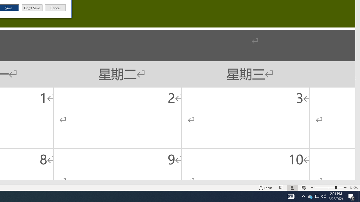 Image resolution: width=360 pixels, height=202 pixels. Describe the element at coordinates (328, 188) in the screenshot. I see `'Zoom'` at that location.